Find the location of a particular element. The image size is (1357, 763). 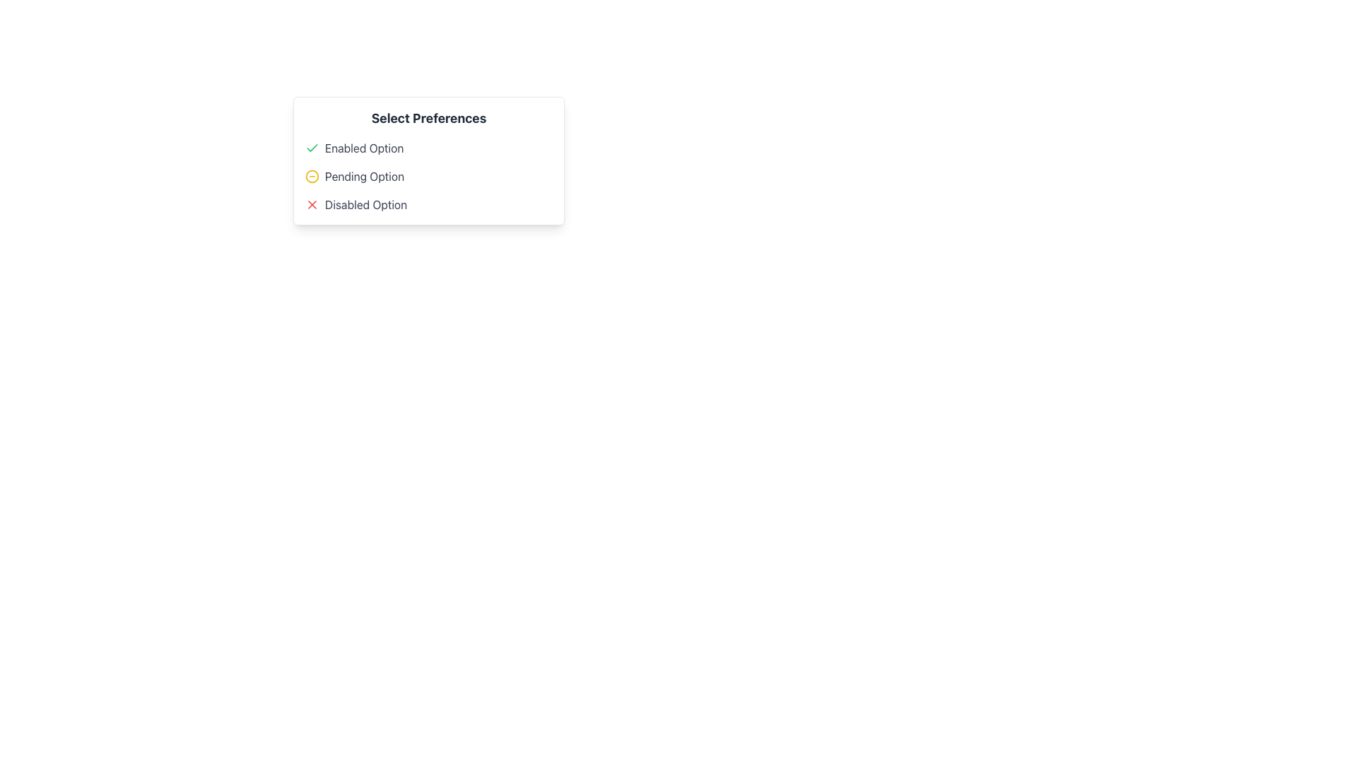

the leftmost icon in the 'Pending Option' row that indicates the 'Pending' state, positioned between 'Enabled Option' and 'Disabled Option' is located at coordinates (311, 176).